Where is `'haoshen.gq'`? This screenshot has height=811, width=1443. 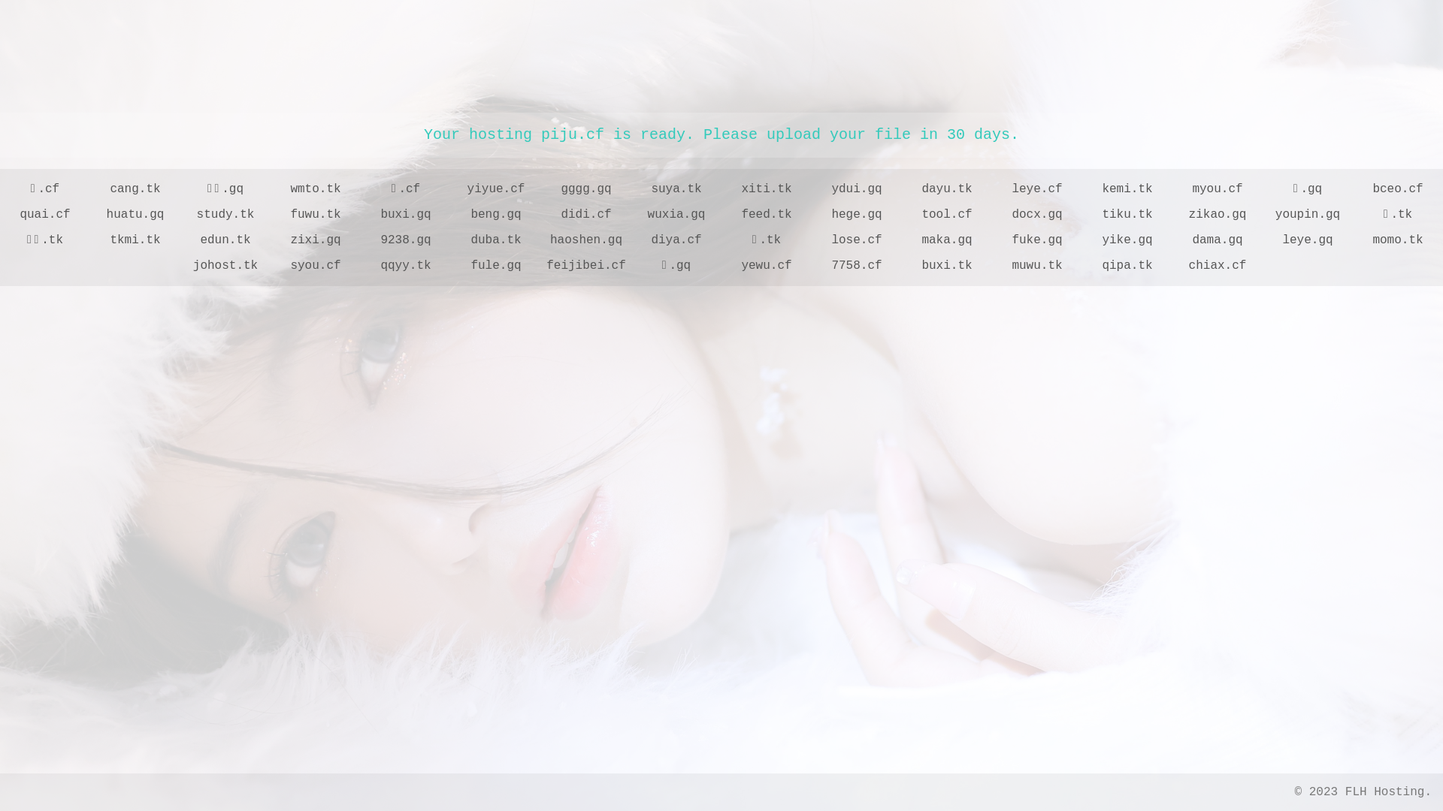 'haoshen.gq' is located at coordinates (585, 240).